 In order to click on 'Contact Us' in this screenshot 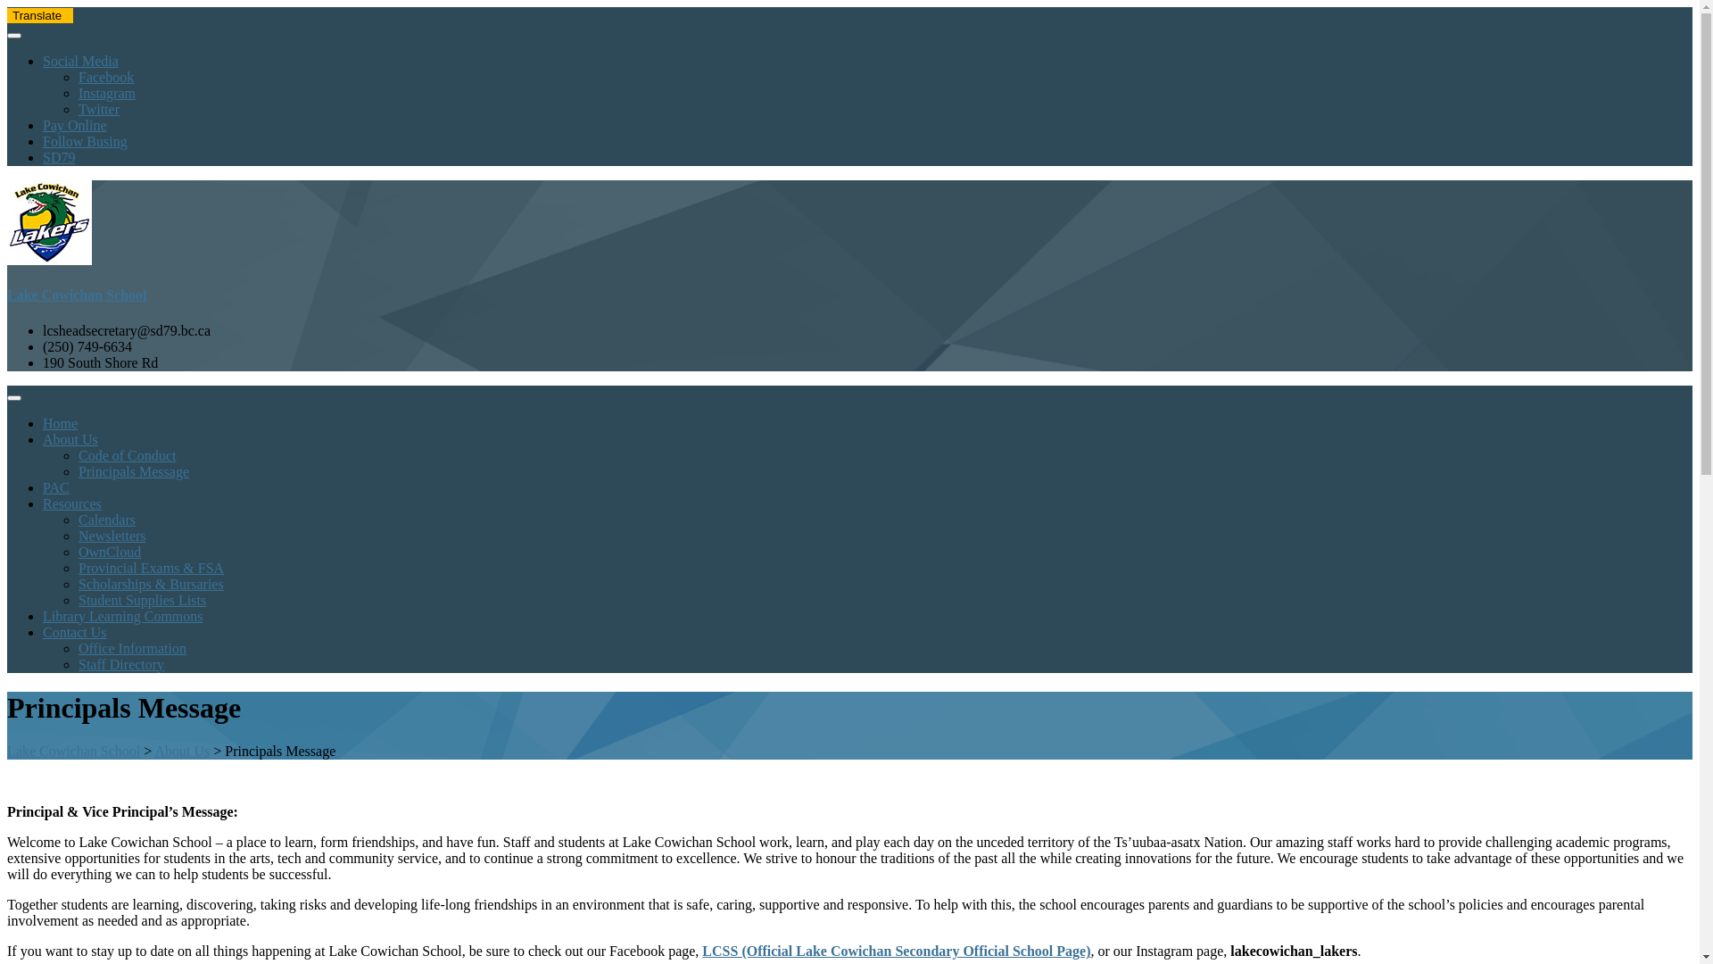, I will do `click(73, 631)`.